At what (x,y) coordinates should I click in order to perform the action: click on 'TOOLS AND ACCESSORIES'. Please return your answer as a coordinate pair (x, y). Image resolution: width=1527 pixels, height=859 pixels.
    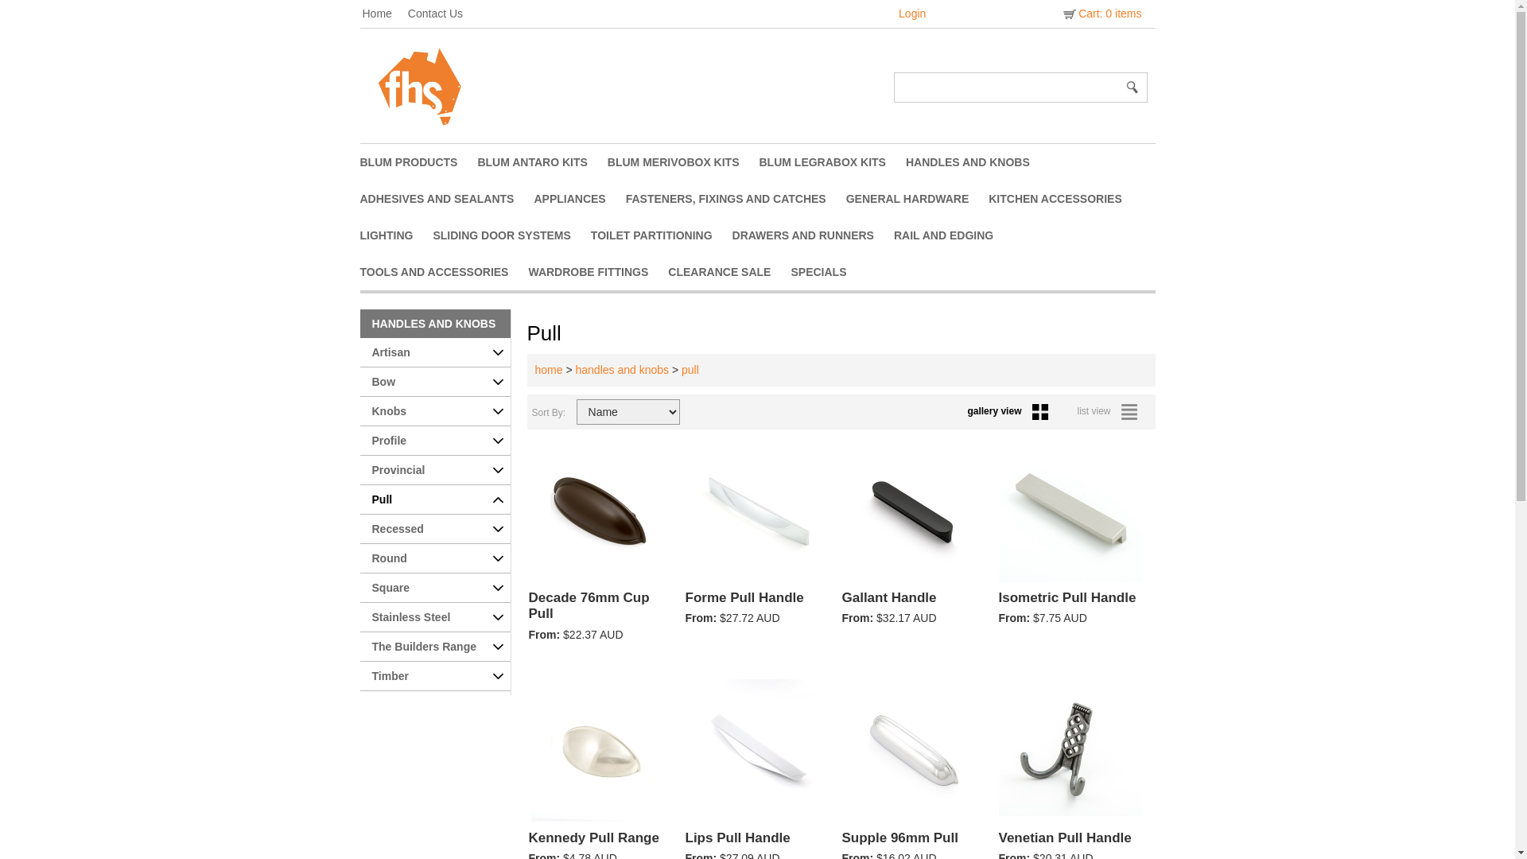
    Looking at the image, I should click on (443, 271).